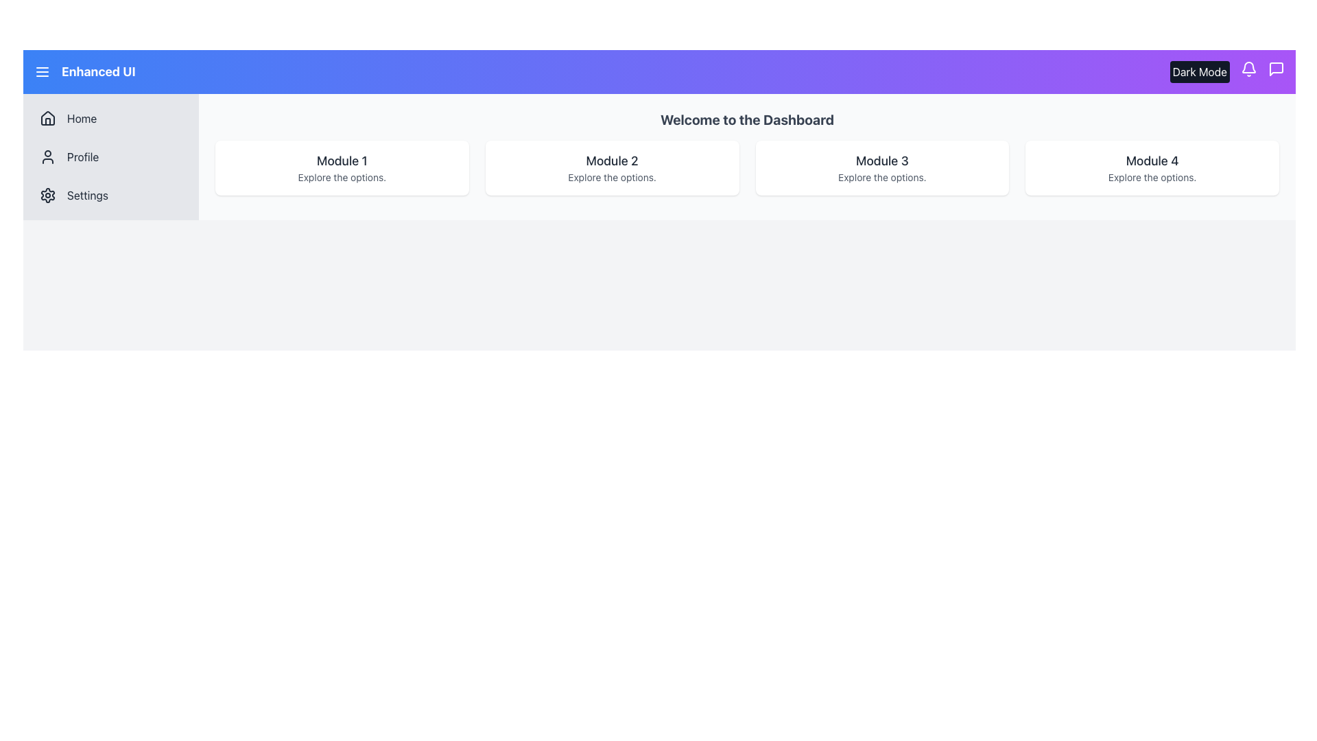 The height and width of the screenshot is (741, 1317). What do you see at coordinates (86, 196) in the screenshot?
I see `the 'Settings' text label, which is located beside a gear icon in the left sidebar` at bounding box center [86, 196].